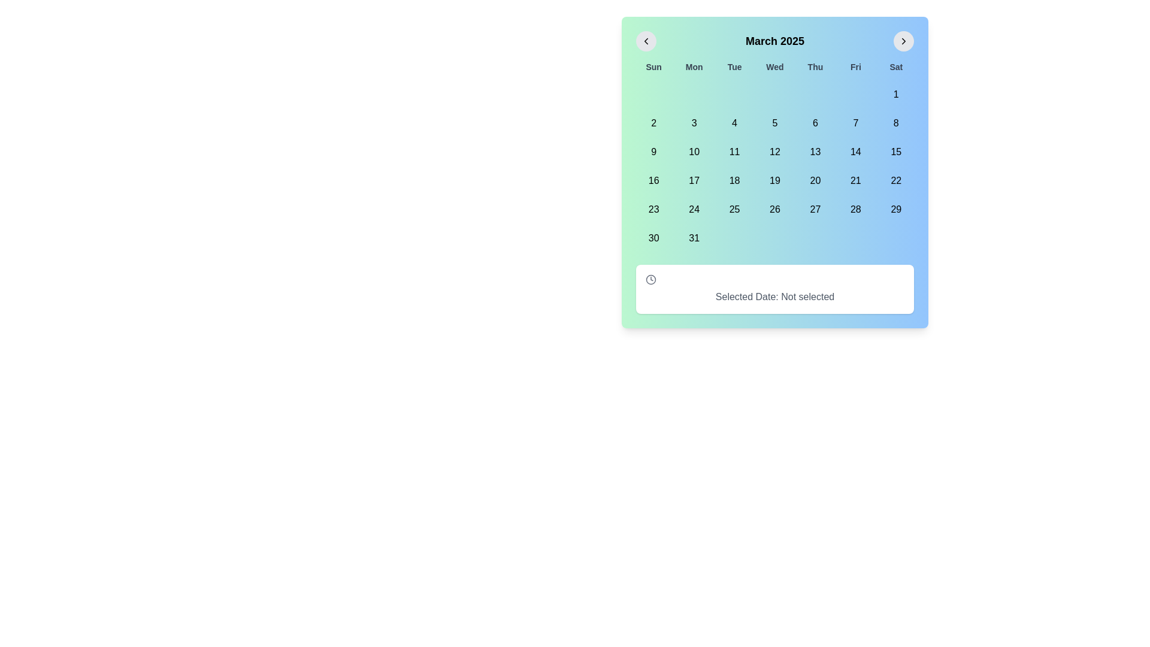 This screenshot has height=647, width=1150. What do you see at coordinates (903, 41) in the screenshot?
I see `the right-facing Chevron icon button located in the top-right corner of the calendar interface, adjacent to the title 'March 2025', for navigation purposes` at bounding box center [903, 41].